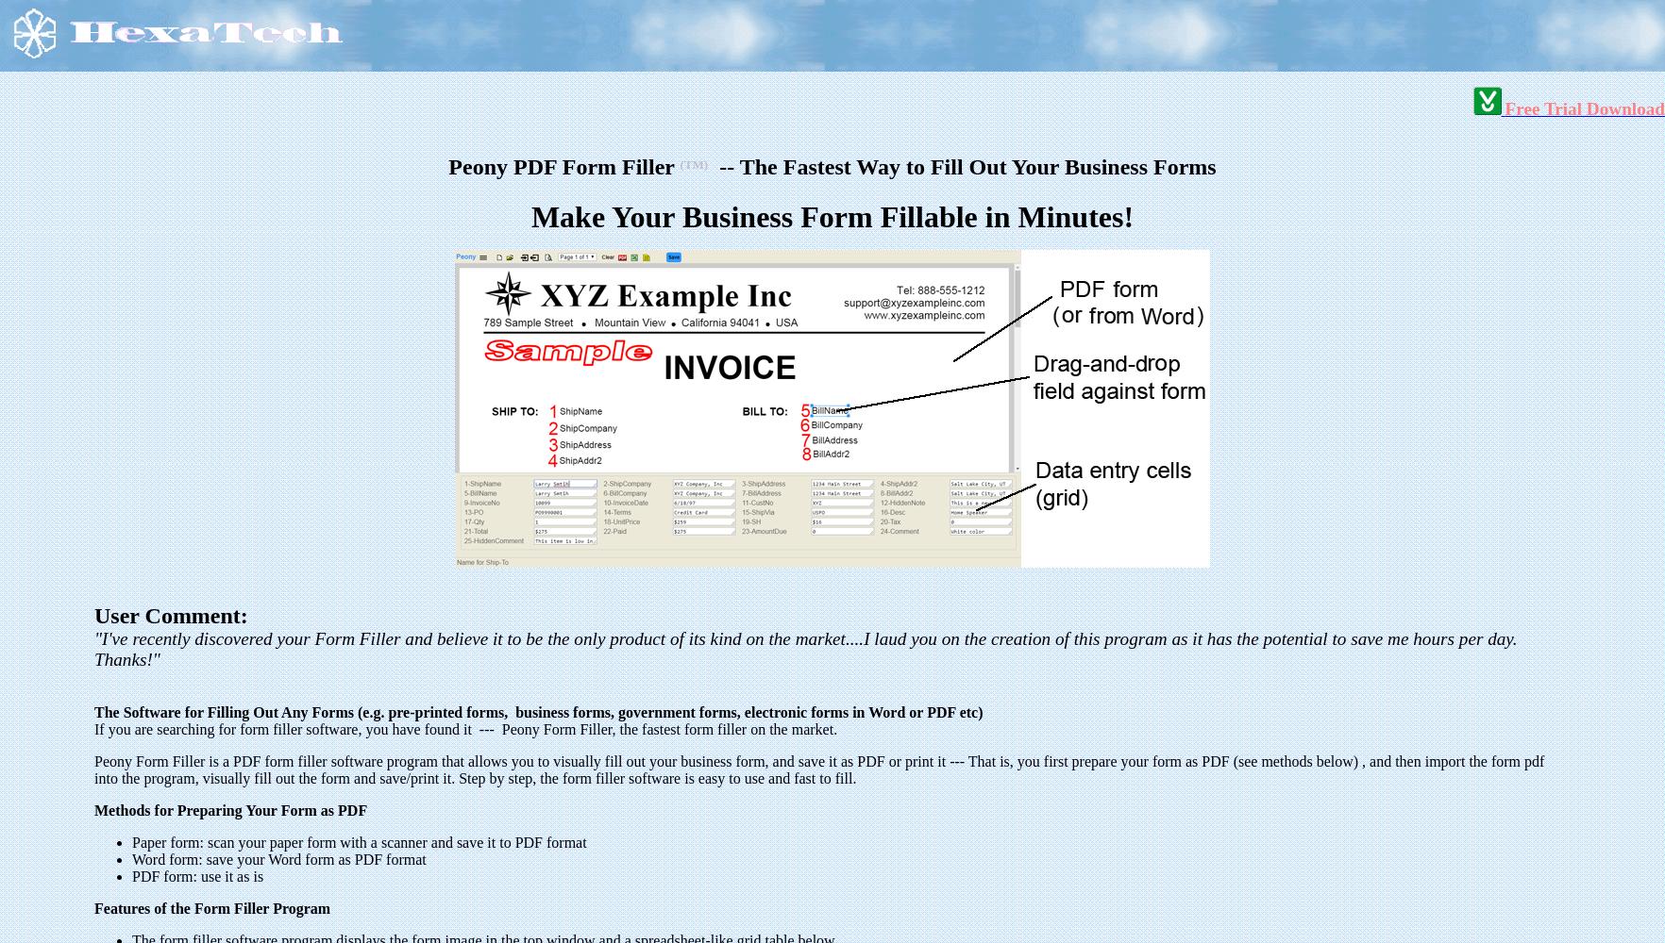  I want to click on 'User Comment:', so click(170, 616).